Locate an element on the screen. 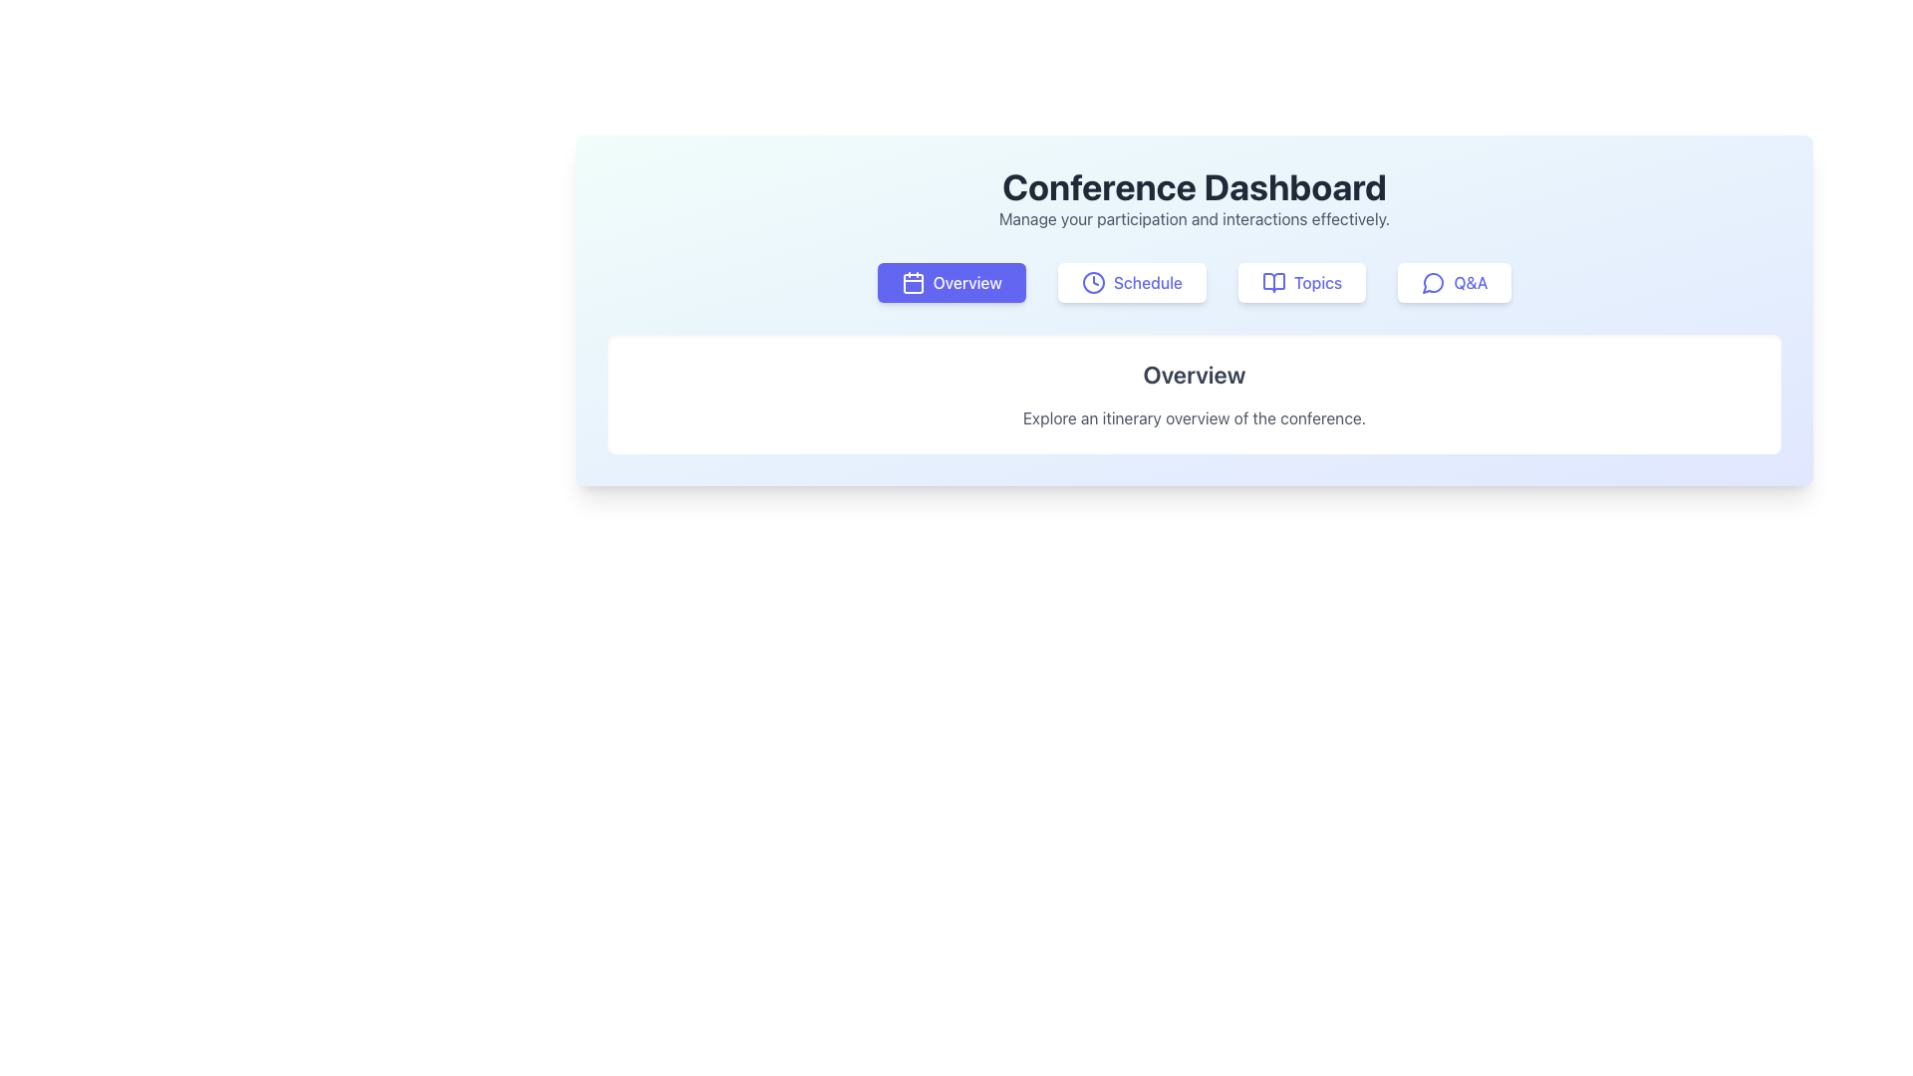 This screenshot has height=1076, width=1913. the clock icon component that is centrally located within the 'Schedule' button in the horizontal navigation bar is located at coordinates (1092, 283).